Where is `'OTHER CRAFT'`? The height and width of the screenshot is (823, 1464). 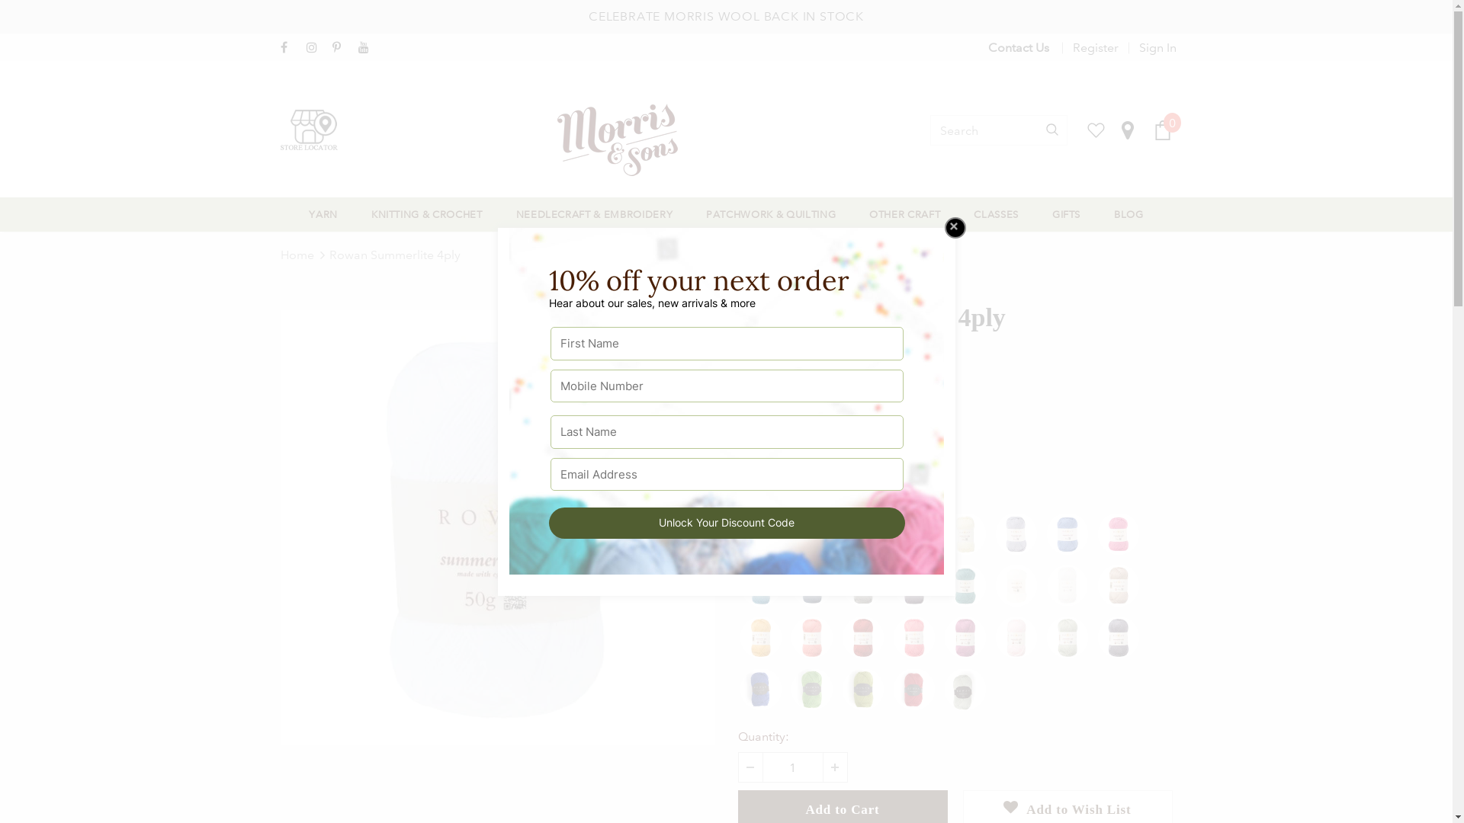
'OTHER CRAFT' is located at coordinates (904, 214).